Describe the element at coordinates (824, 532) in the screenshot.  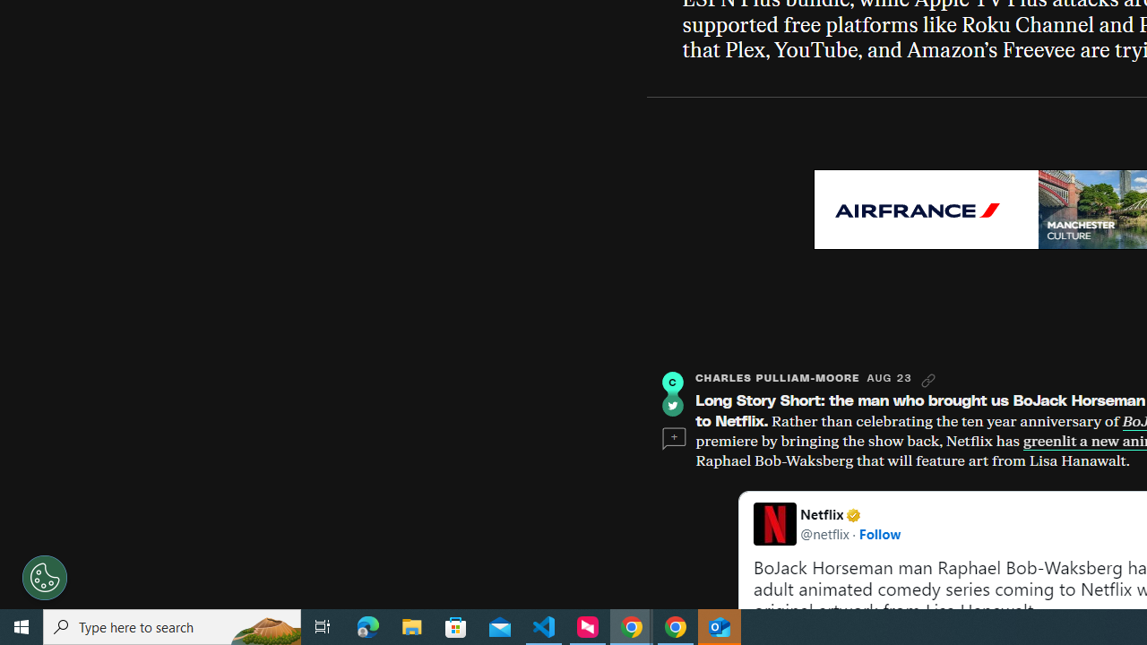
I see `'@netflix'` at that location.